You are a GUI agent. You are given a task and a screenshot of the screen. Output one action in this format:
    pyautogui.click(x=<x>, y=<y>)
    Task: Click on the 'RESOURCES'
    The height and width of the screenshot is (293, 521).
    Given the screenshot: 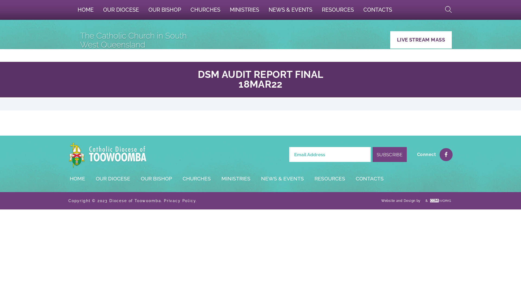 What is the action you would take?
    pyautogui.click(x=329, y=179)
    